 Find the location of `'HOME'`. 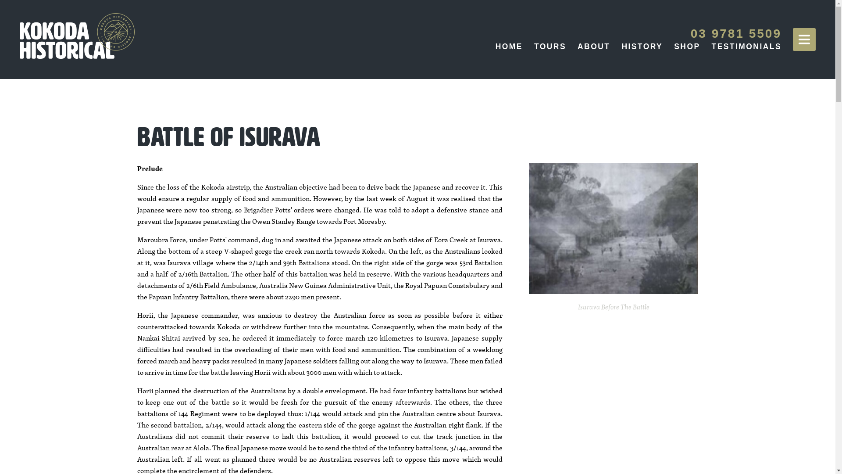

'HOME' is located at coordinates (509, 46).